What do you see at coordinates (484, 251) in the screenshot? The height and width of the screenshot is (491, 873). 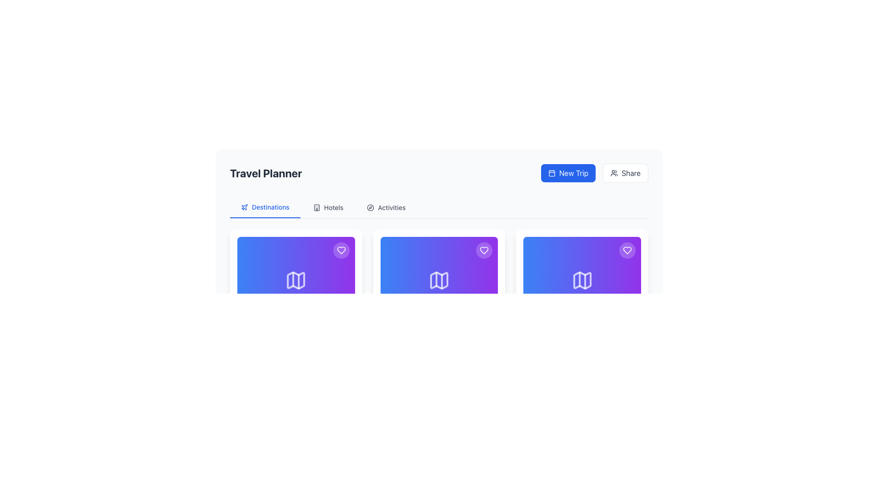 I see `the heart-shaped icon within the interactive button at the top-right corner of the purple card to mark it as a favorite` at bounding box center [484, 251].